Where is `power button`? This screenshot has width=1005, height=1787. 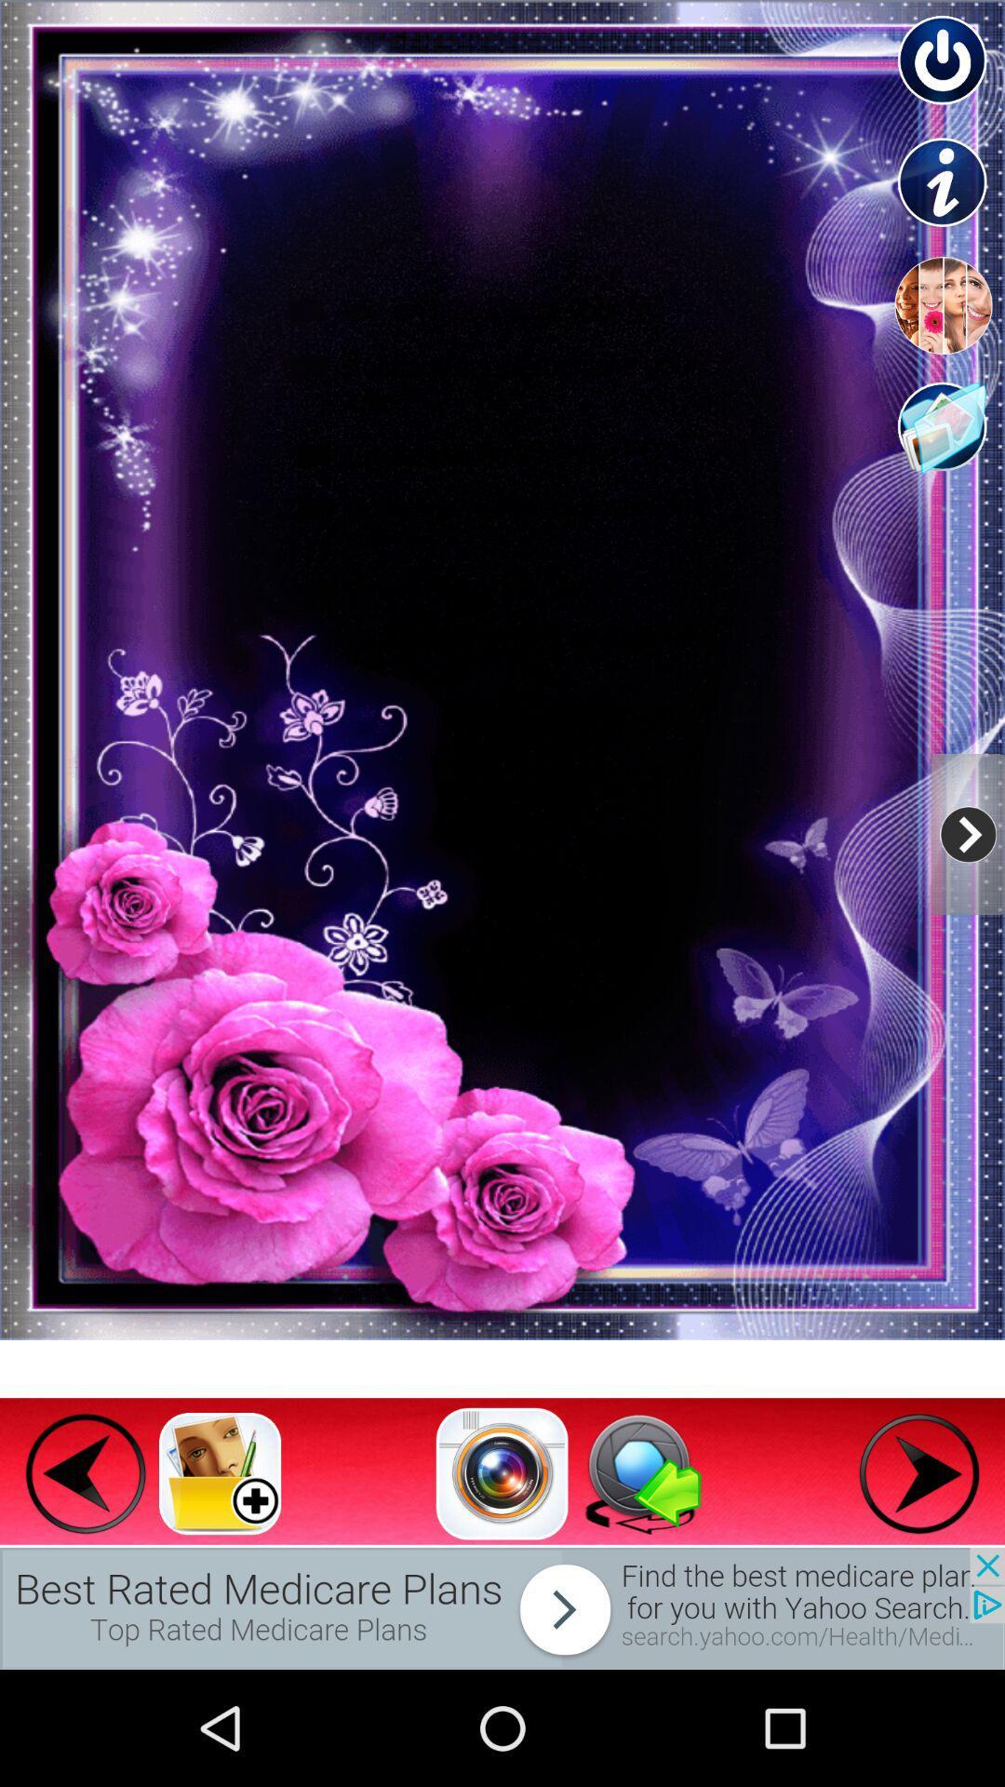 power button is located at coordinates (944, 61).